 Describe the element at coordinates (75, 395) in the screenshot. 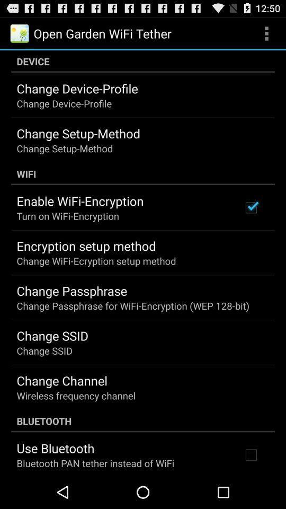

I see `the icon below change channel item` at that location.